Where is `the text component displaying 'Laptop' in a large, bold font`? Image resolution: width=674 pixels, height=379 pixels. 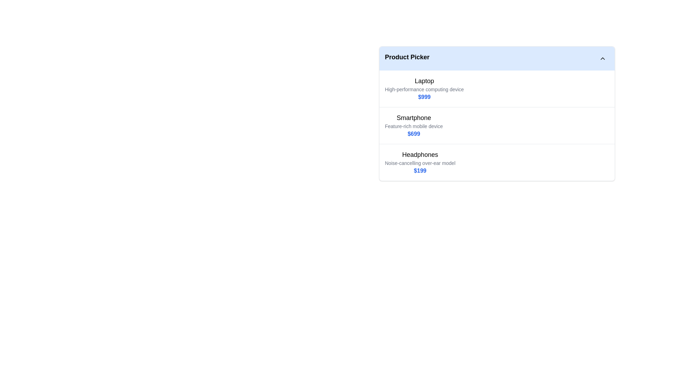 the text component displaying 'Laptop' in a large, bold font is located at coordinates (424, 81).